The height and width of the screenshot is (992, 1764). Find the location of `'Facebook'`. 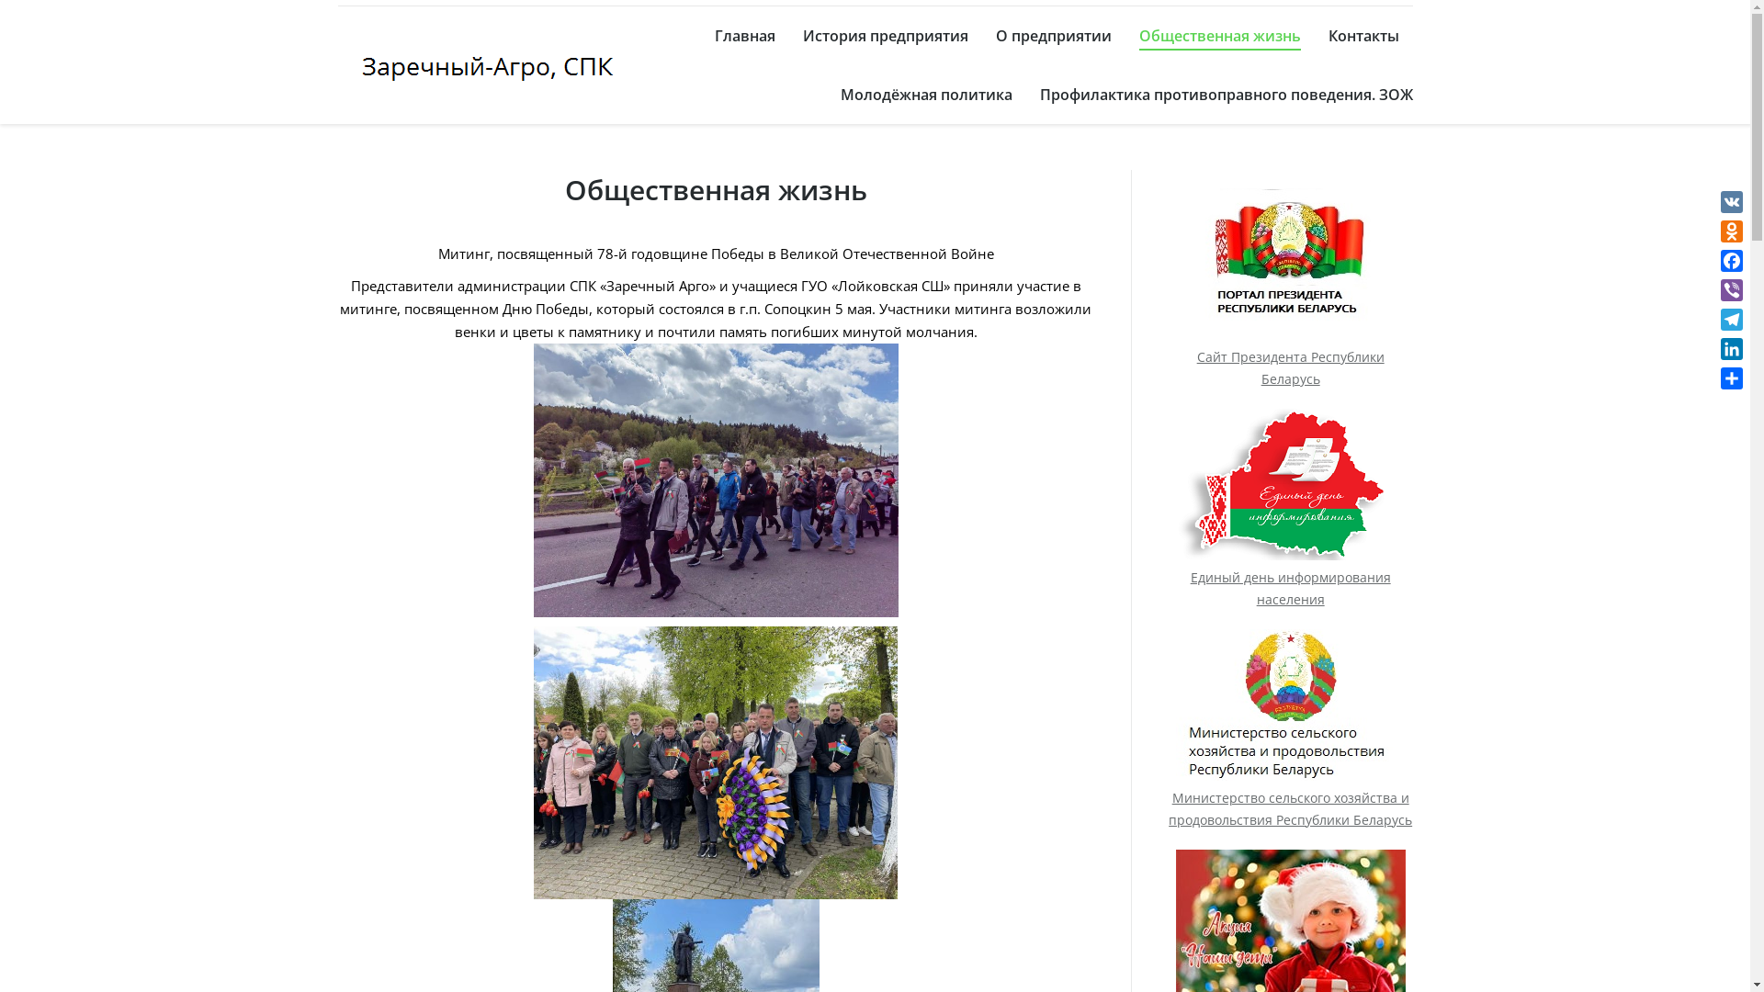

'Facebook' is located at coordinates (1731, 261).